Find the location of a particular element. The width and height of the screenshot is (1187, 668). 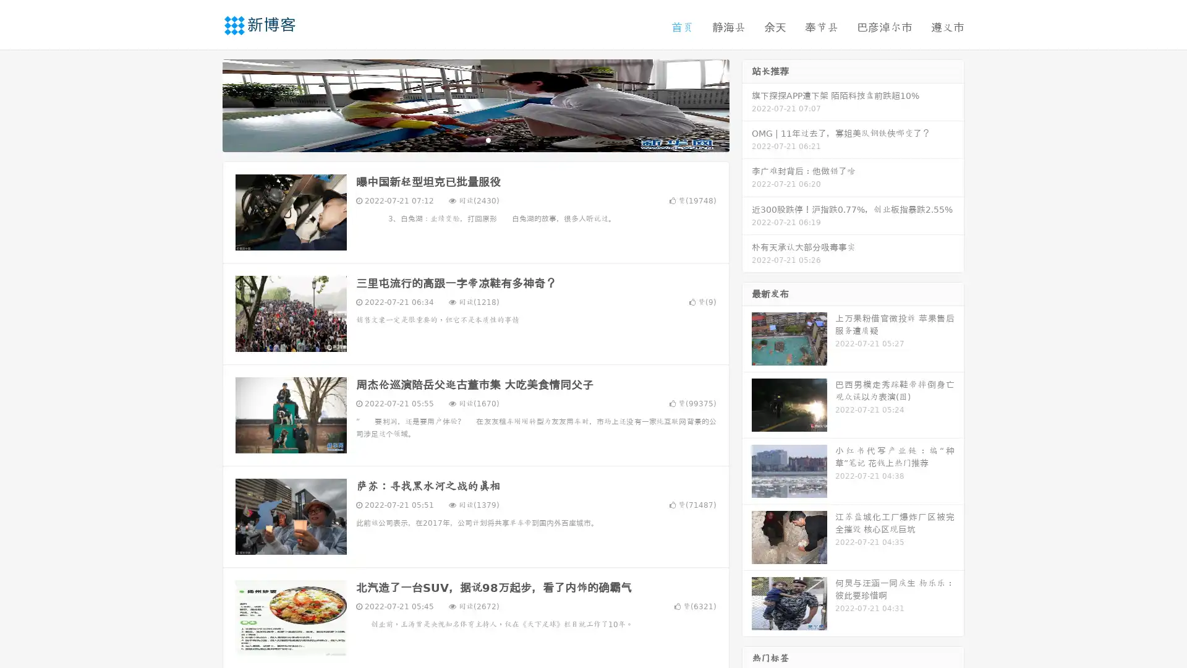

Go to slide 3 is located at coordinates (488, 139).